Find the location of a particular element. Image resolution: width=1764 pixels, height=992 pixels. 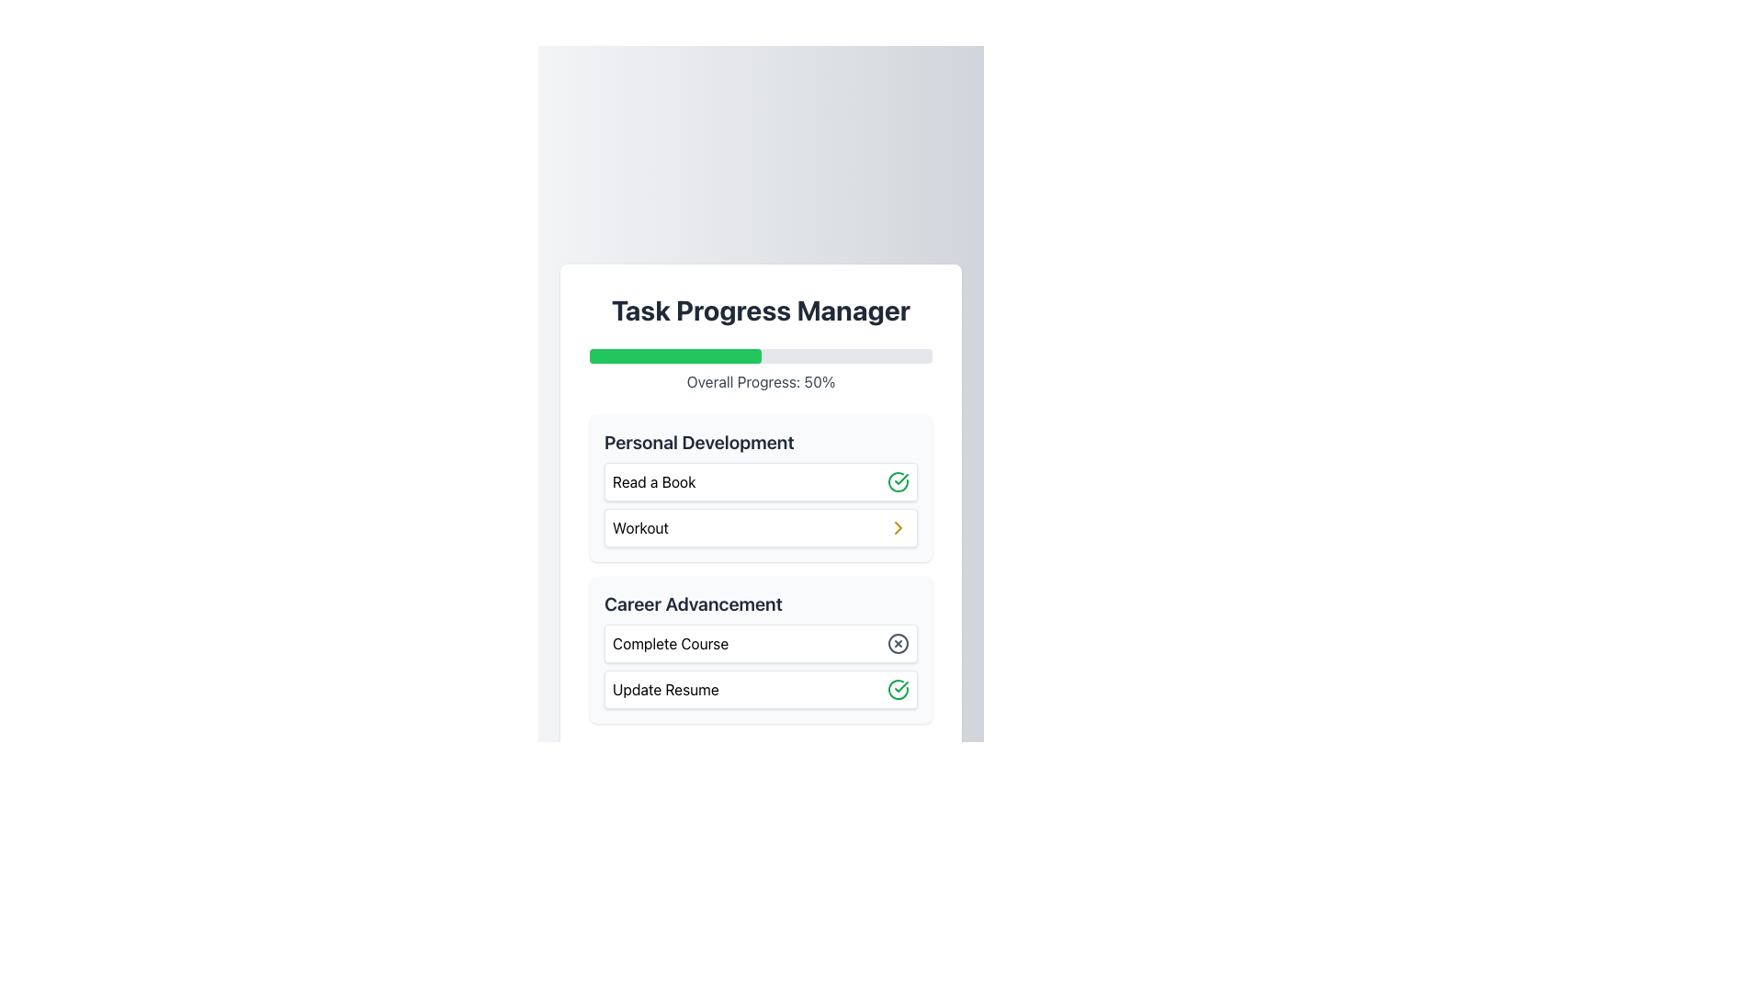

the green progress bar segment that represents the completed fraction of the progress, located beneath 'Task Progress Manager' is located at coordinates (674, 356).